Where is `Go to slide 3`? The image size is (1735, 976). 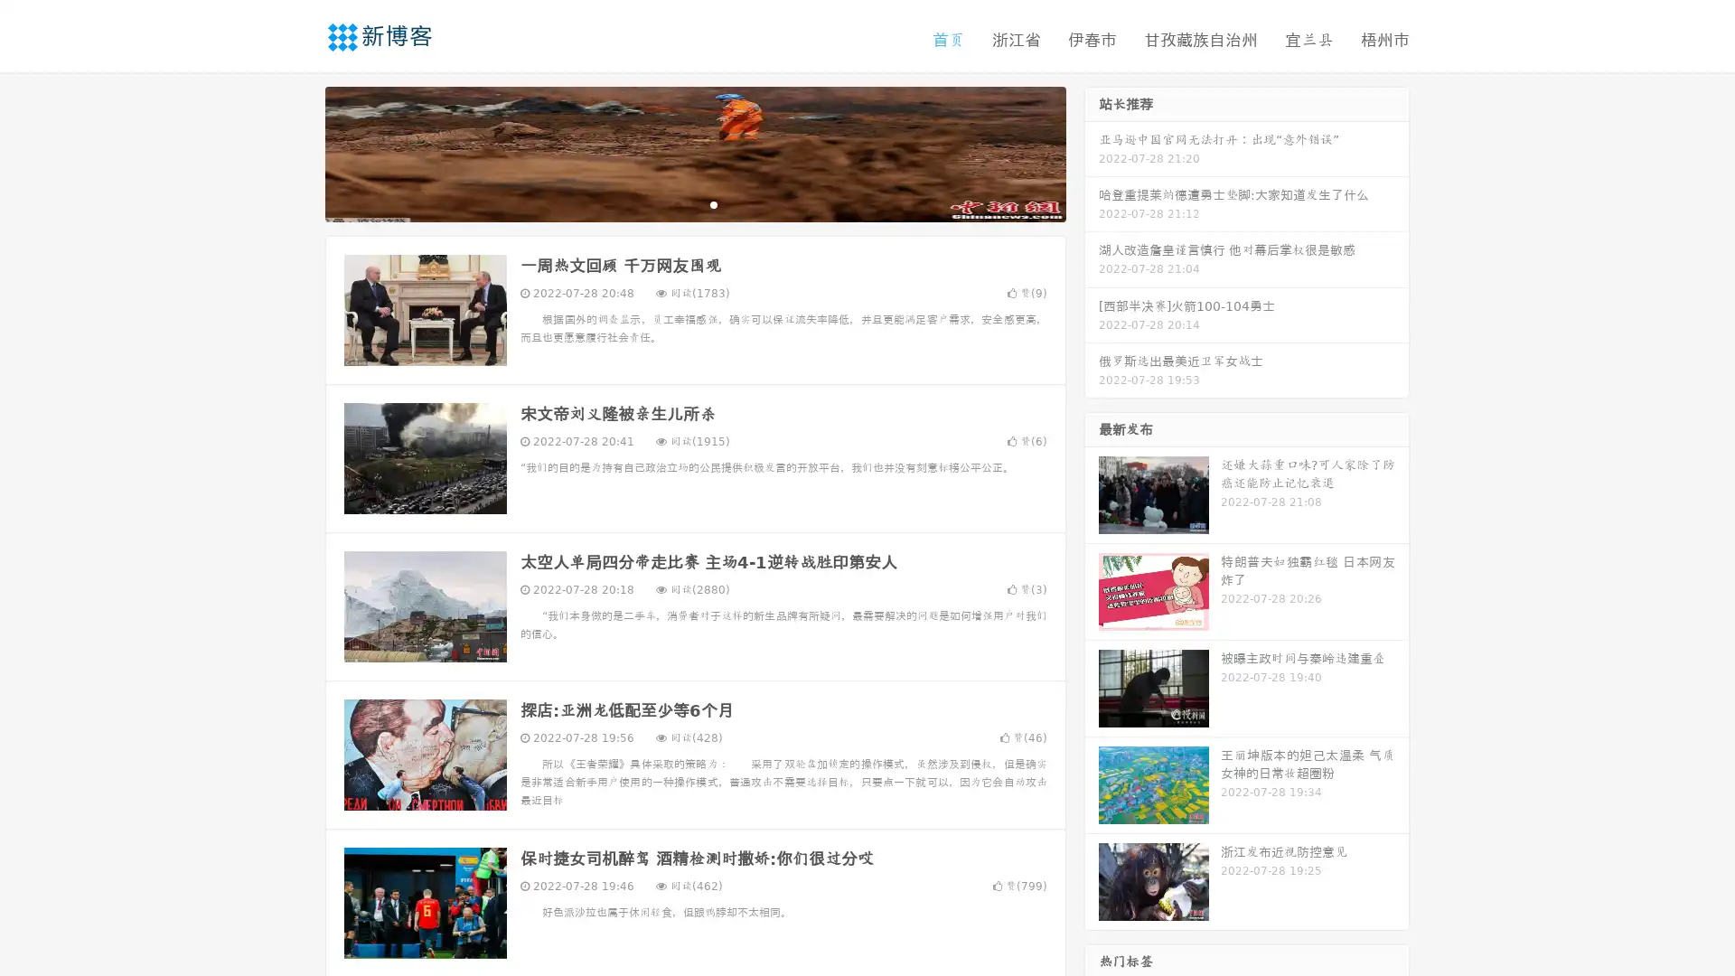 Go to slide 3 is located at coordinates (713, 203).